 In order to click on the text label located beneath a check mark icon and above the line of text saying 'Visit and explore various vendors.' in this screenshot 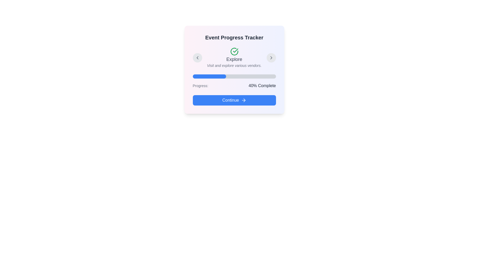, I will do `click(234, 59)`.